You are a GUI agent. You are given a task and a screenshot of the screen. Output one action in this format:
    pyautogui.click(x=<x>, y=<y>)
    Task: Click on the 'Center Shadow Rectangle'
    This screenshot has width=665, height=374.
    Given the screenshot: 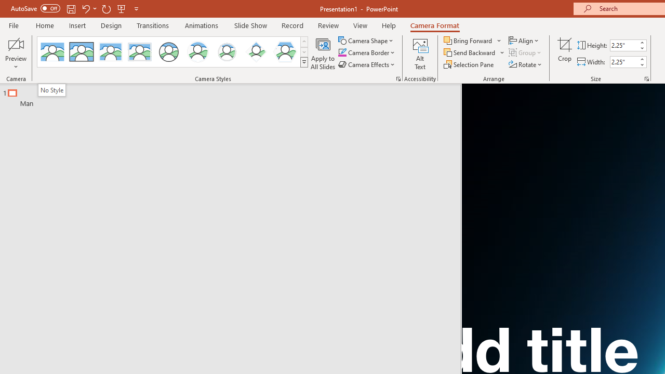 What is the action you would take?
    pyautogui.click(x=111, y=52)
    